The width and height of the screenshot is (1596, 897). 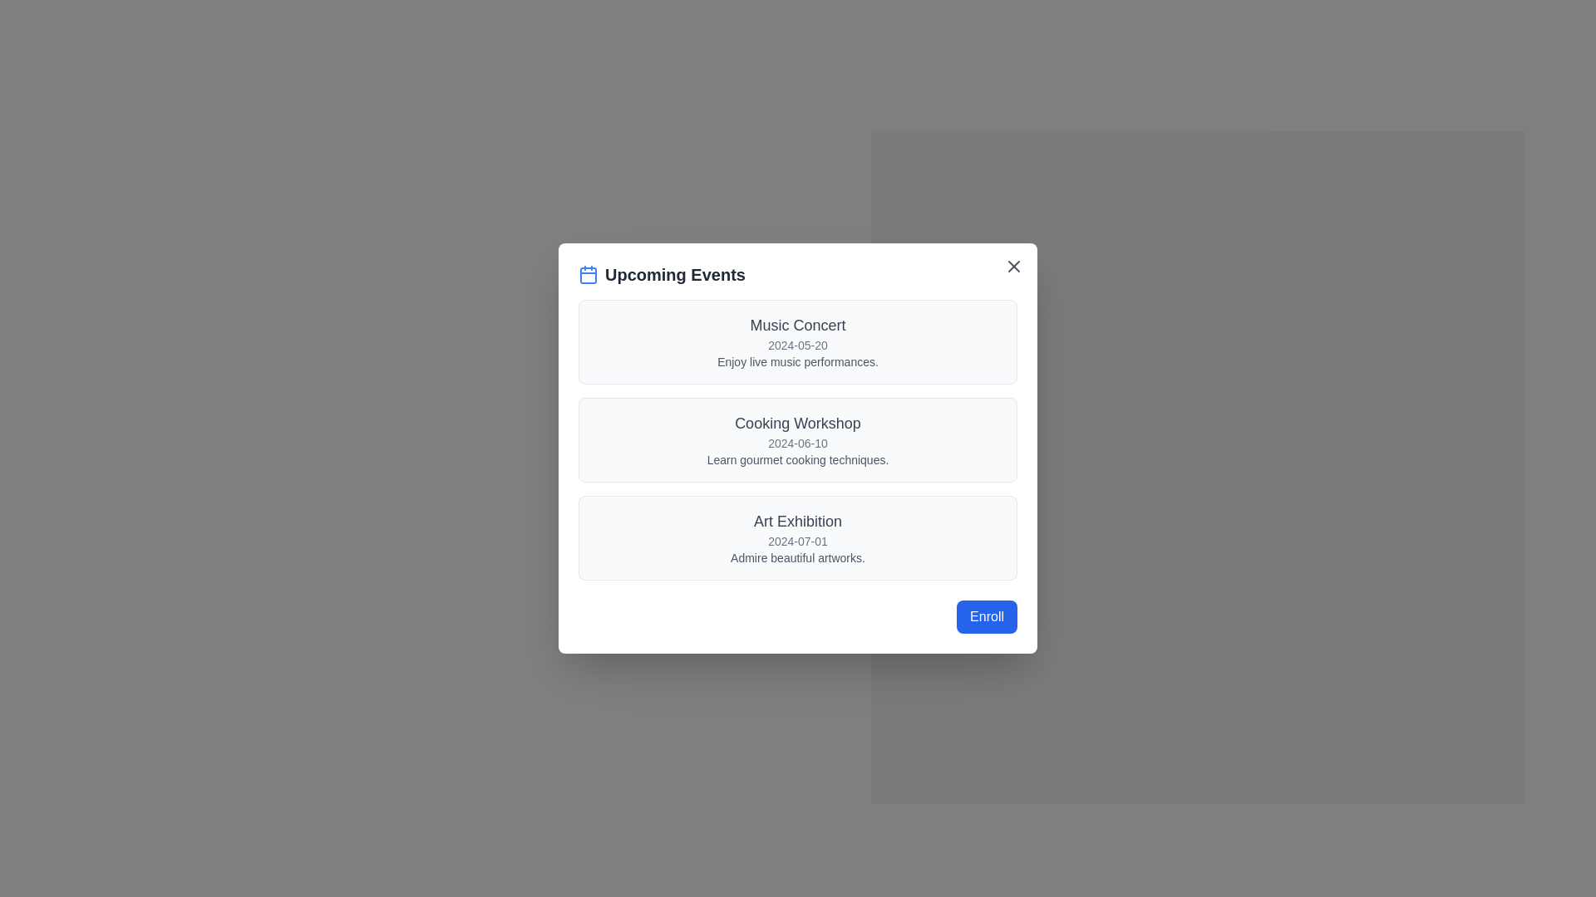 I want to click on the text label providing a brief description for the 'Cooking Workshop' event, located below the event title and date, so click(x=798, y=460).